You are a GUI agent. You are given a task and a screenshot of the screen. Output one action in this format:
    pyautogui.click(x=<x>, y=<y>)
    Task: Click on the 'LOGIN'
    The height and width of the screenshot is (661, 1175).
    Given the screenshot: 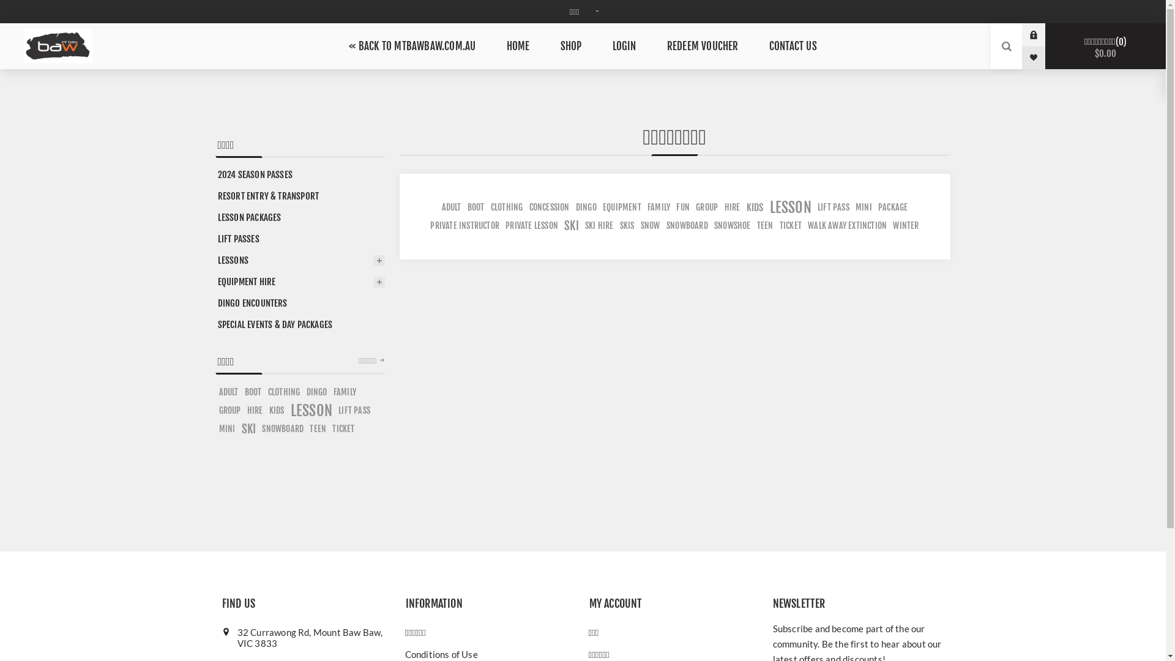 What is the action you would take?
    pyautogui.click(x=624, y=45)
    